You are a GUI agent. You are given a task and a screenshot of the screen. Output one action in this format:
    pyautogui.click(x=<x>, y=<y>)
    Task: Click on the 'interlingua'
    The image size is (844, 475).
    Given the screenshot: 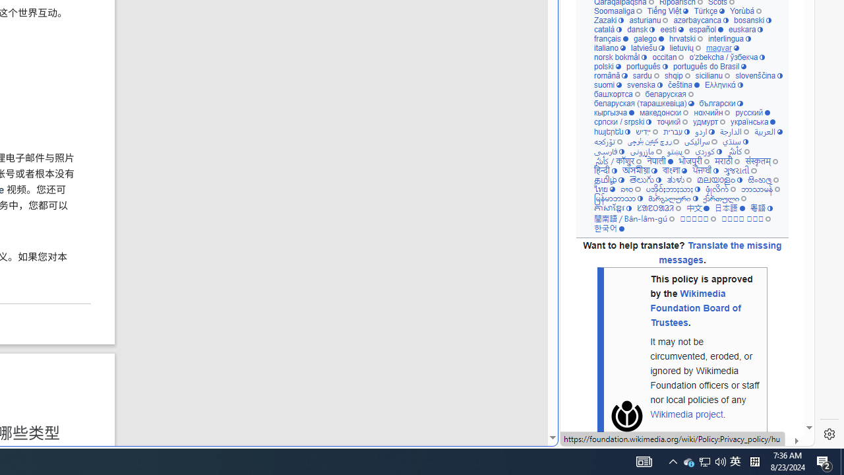 What is the action you would take?
    pyautogui.click(x=729, y=38)
    